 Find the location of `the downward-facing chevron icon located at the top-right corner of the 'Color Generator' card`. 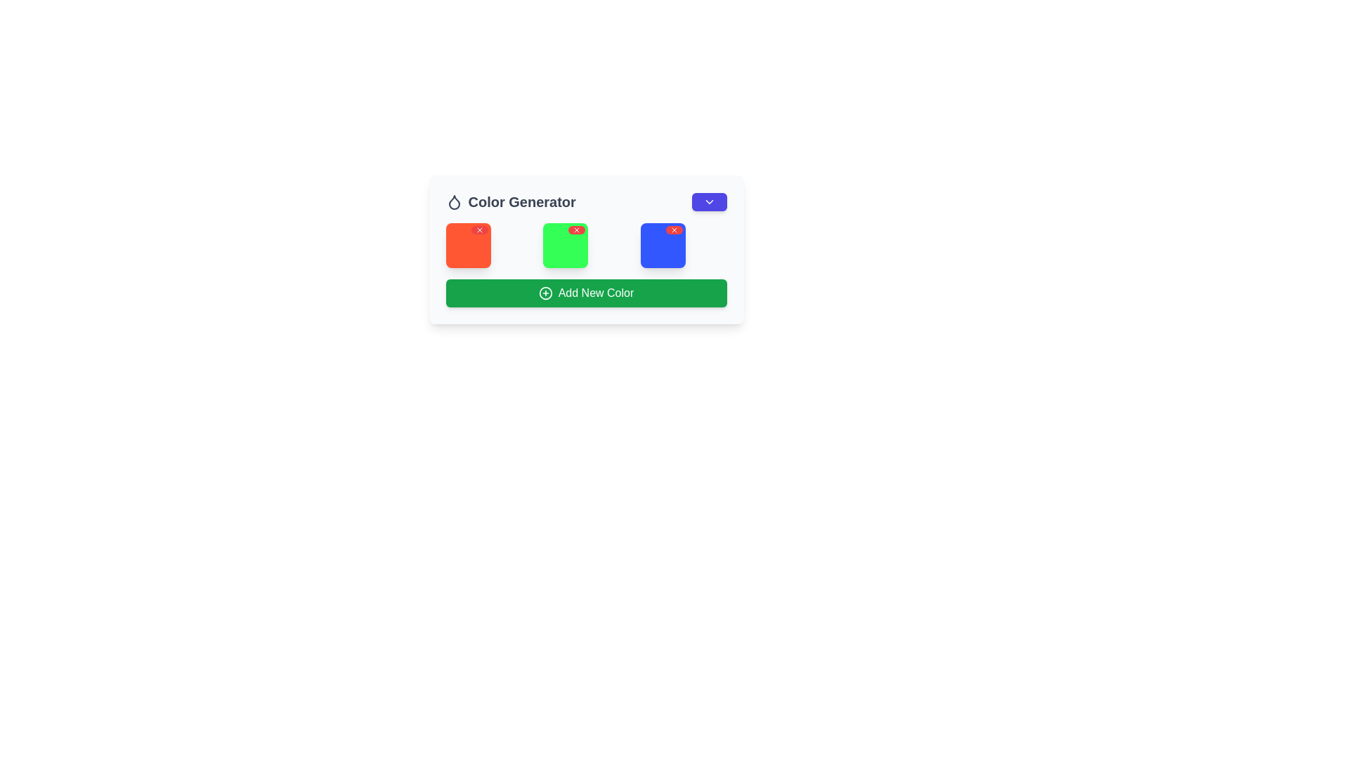

the downward-facing chevron icon located at the top-right corner of the 'Color Generator' card is located at coordinates (709, 202).